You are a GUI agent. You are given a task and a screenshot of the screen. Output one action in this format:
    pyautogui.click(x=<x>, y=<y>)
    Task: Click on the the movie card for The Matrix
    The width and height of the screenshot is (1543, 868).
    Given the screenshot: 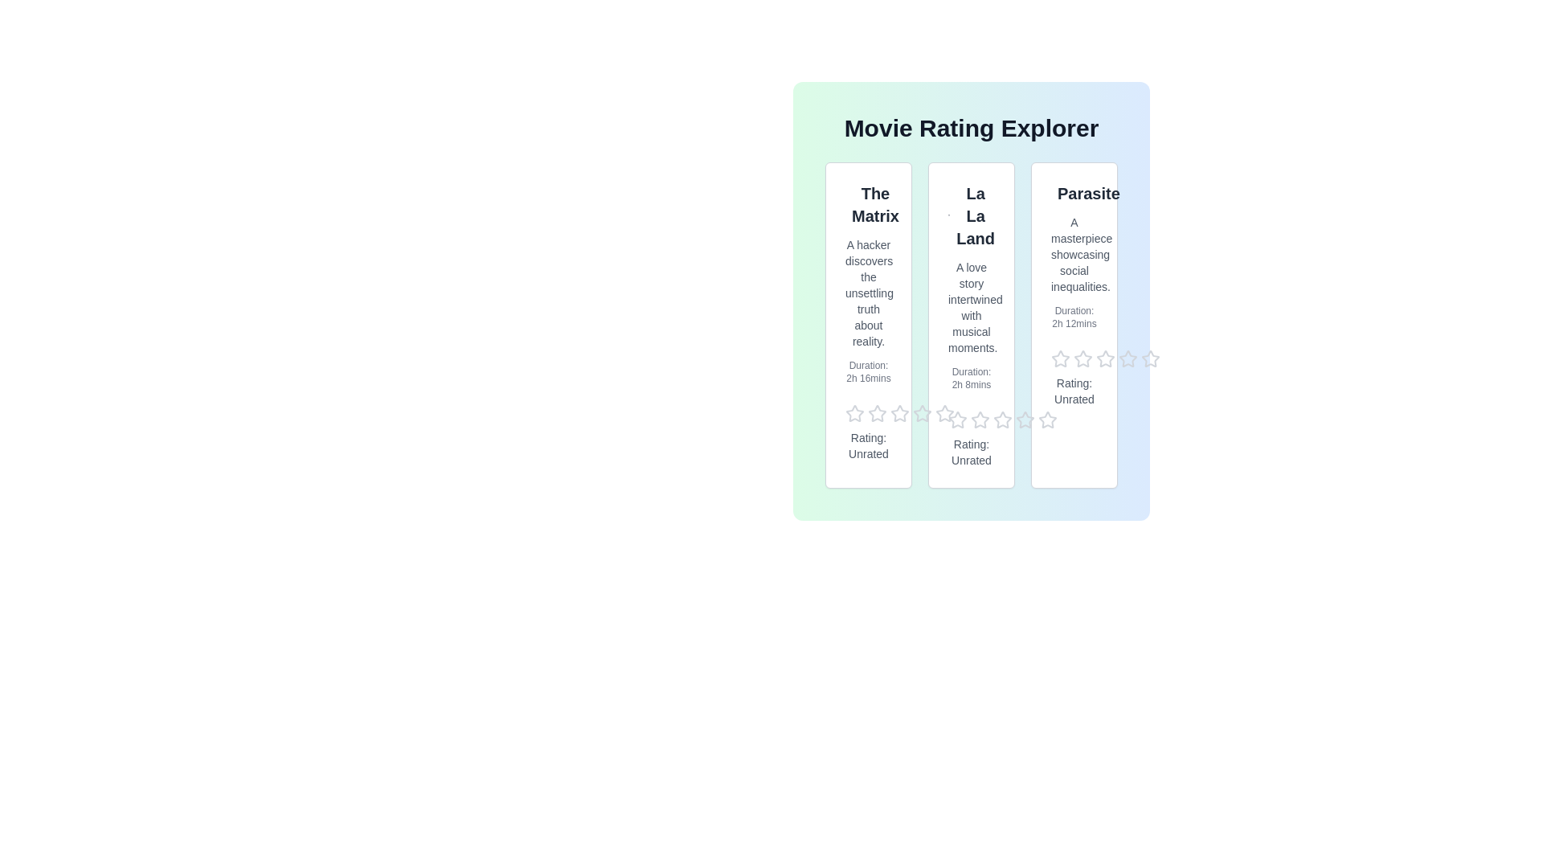 What is the action you would take?
    pyautogui.click(x=867, y=325)
    